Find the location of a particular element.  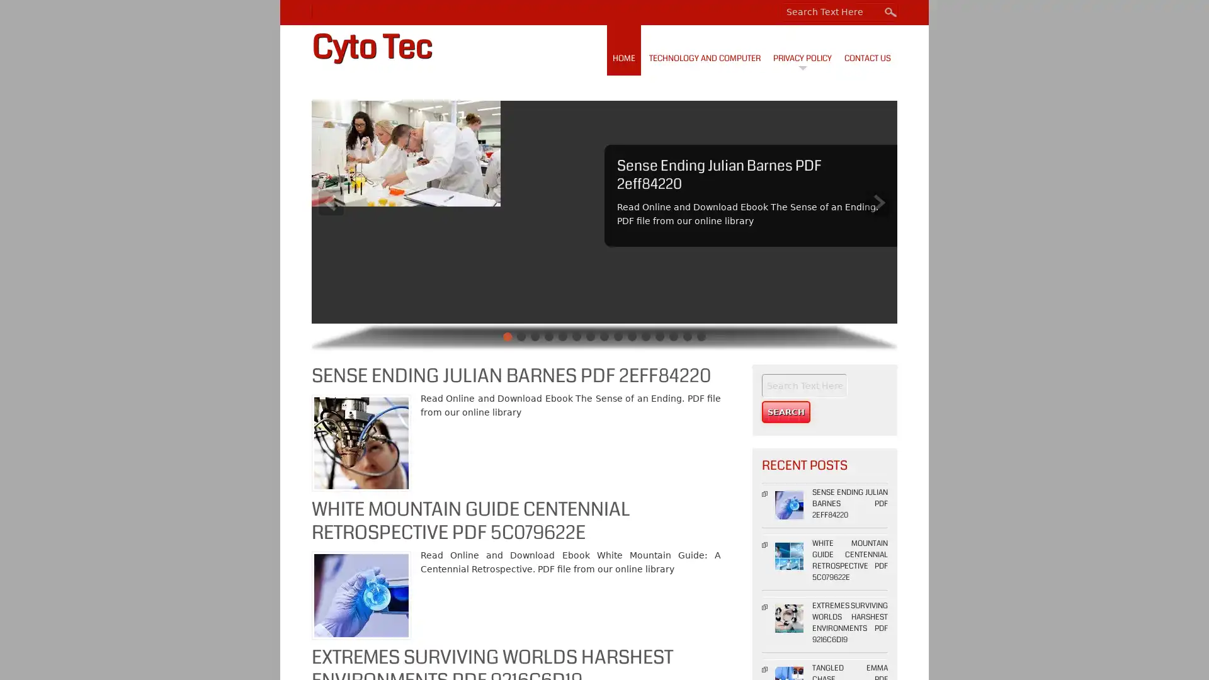

Search is located at coordinates (785, 412).